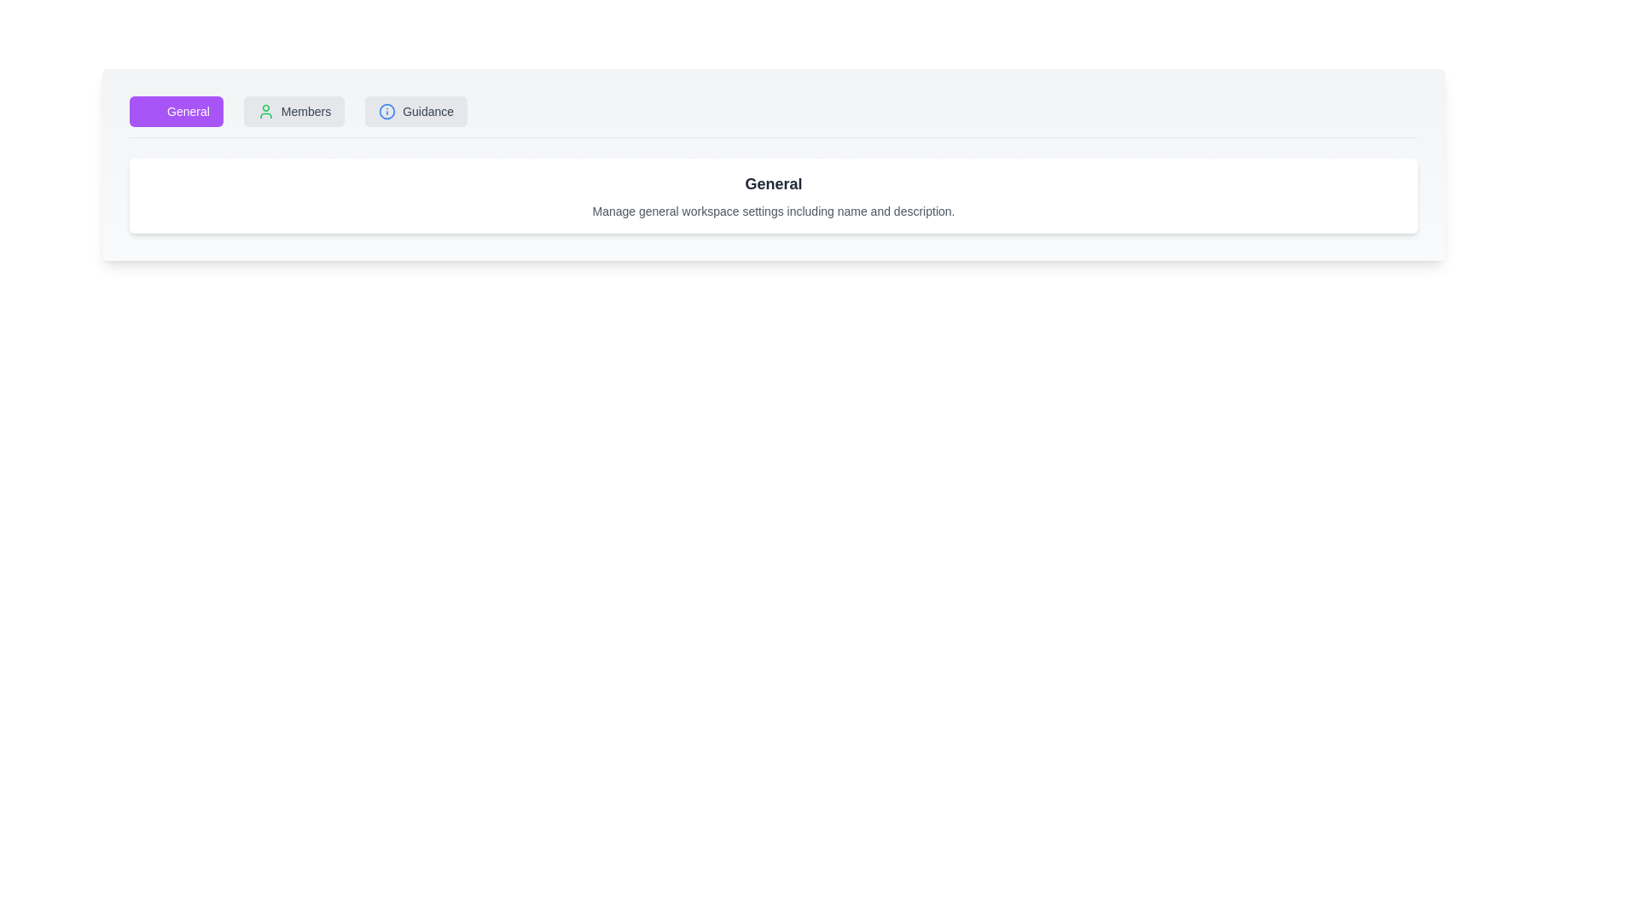 The height and width of the screenshot is (921, 1638). What do you see at coordinates (176, 112) in the screenshot?
I see `the General tab to view its content` at bounding box center [176, 112].